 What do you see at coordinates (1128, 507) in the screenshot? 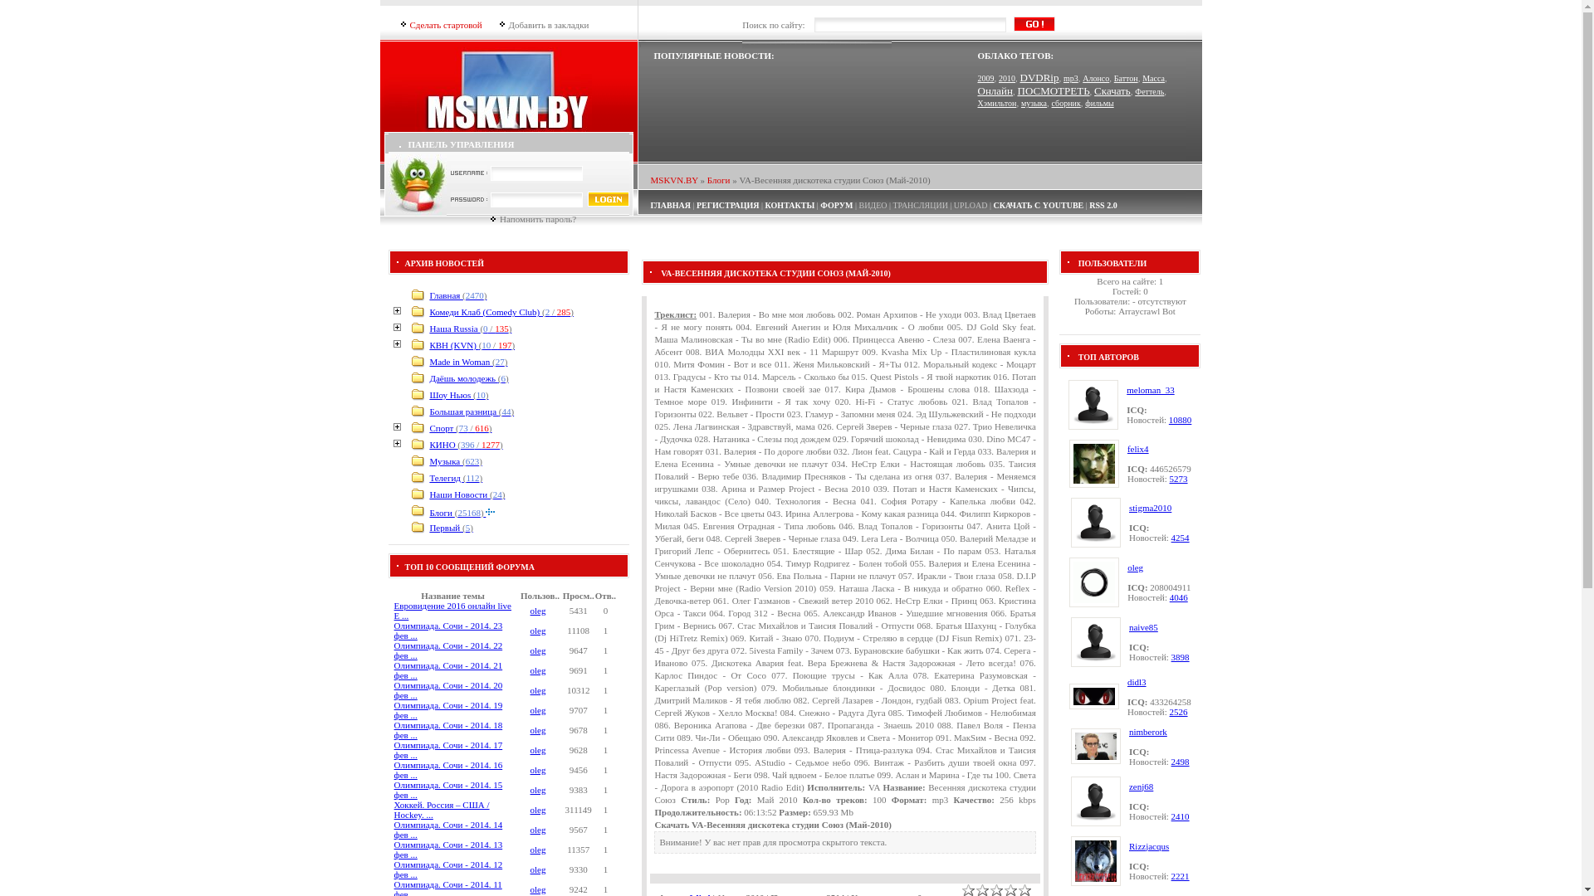
I see `'stigma2010'` at bounding box center [1128, 507].